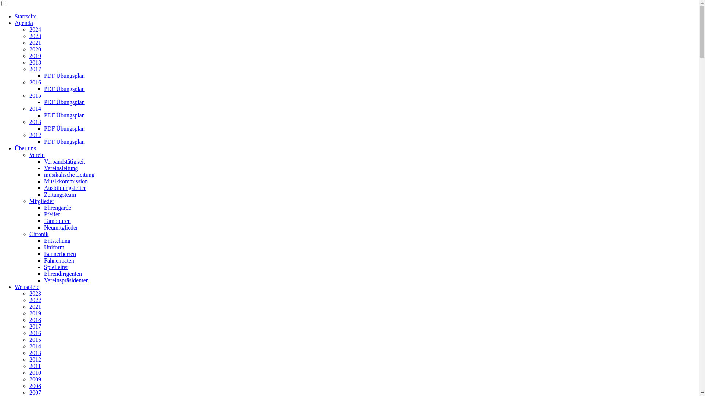  What do you see at coordinates (57, 220) in the screenshot?
I see `'Tambouren'` at bounding box center [57, 220].